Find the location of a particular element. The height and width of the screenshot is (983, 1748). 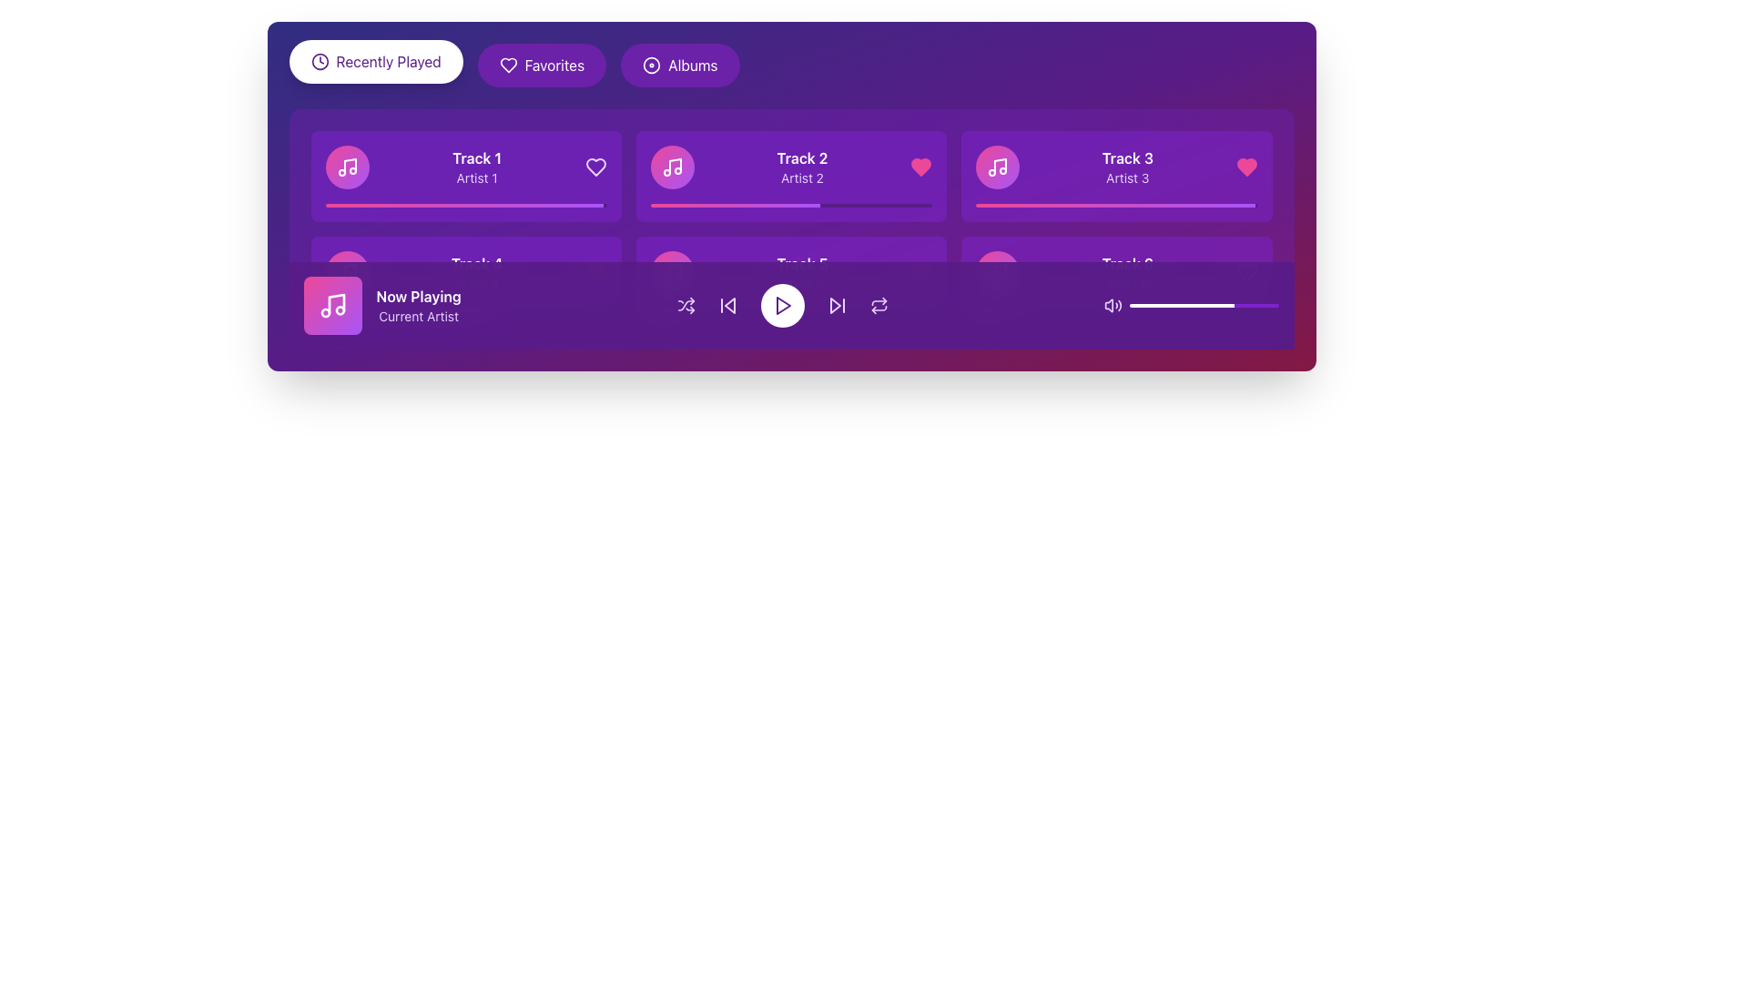

the favorite button located in the top-right corner of the 'Track 2' card by 'Artist 2' is located at coordinates (921, 167).